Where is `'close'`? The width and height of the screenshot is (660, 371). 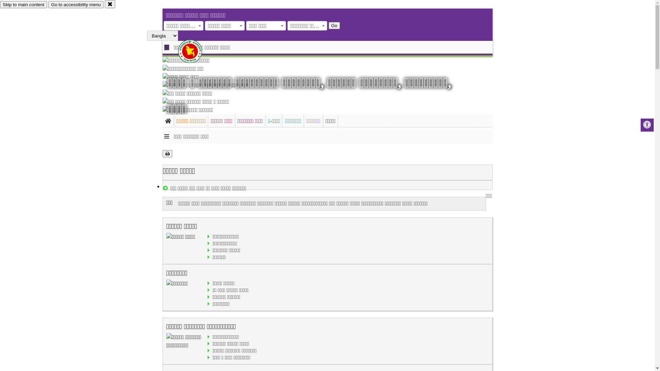
'close' is located at coordinates (104, 4).